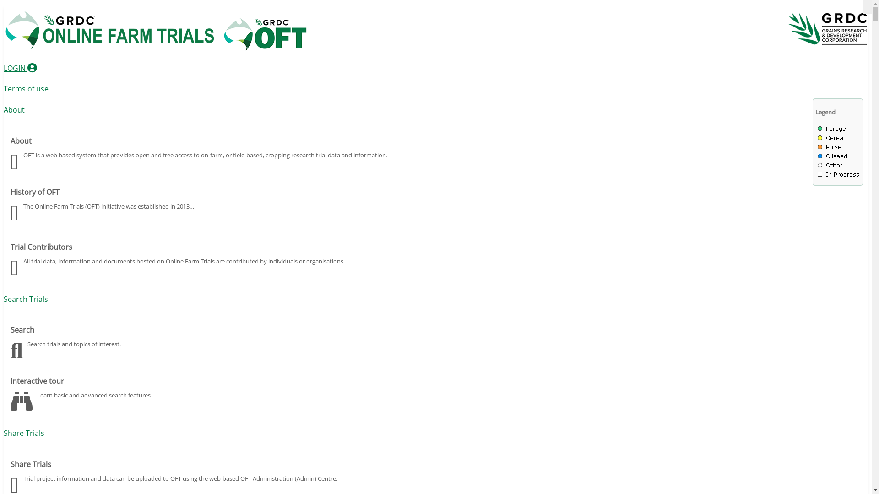 The width and height of the screenshot is (879, 494). What do you see at coordinates (11, 391) in the screenshot?
I see `'Interactive tour` at bounding box center [11, 391].